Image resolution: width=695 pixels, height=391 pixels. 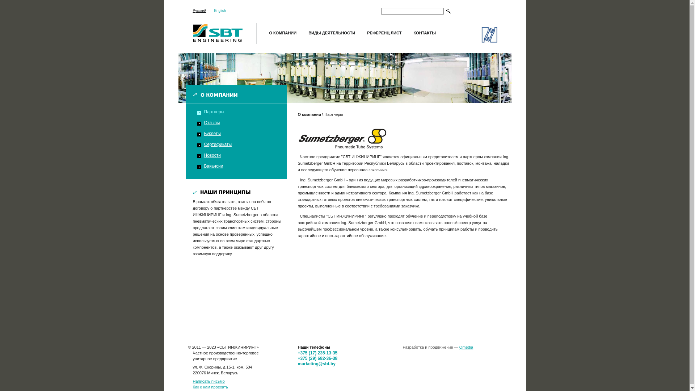 I want to click on 'Qmedia', so click(x=466, y=347).